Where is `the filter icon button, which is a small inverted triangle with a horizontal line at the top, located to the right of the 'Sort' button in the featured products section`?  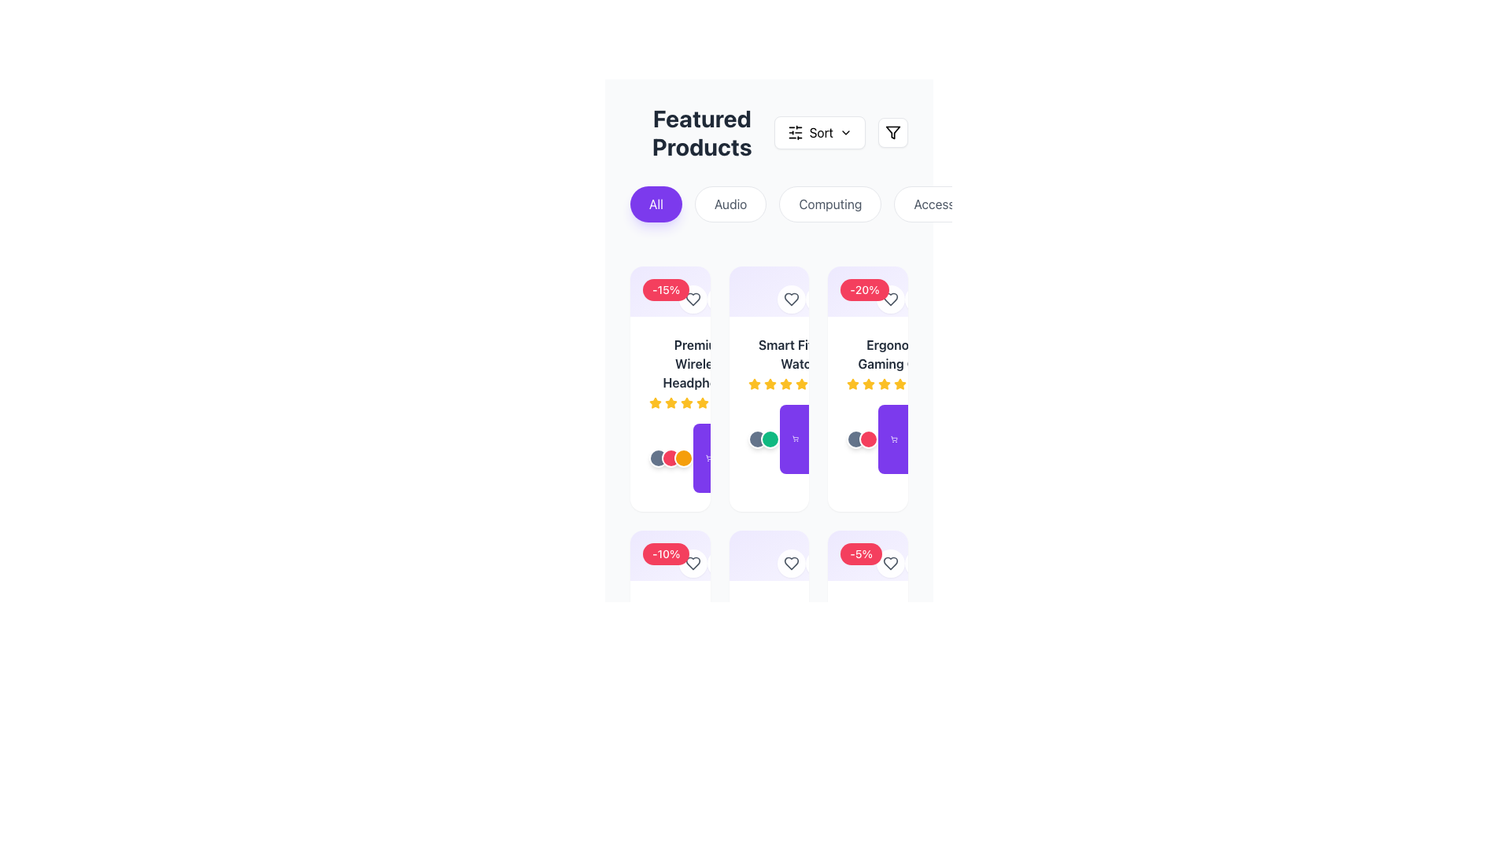 the filter icon button, which is a small inverted triangle with a horizontal line at the top, located to the right of the 'Sort' button in the featured products section is located at coordinates (892, 132).